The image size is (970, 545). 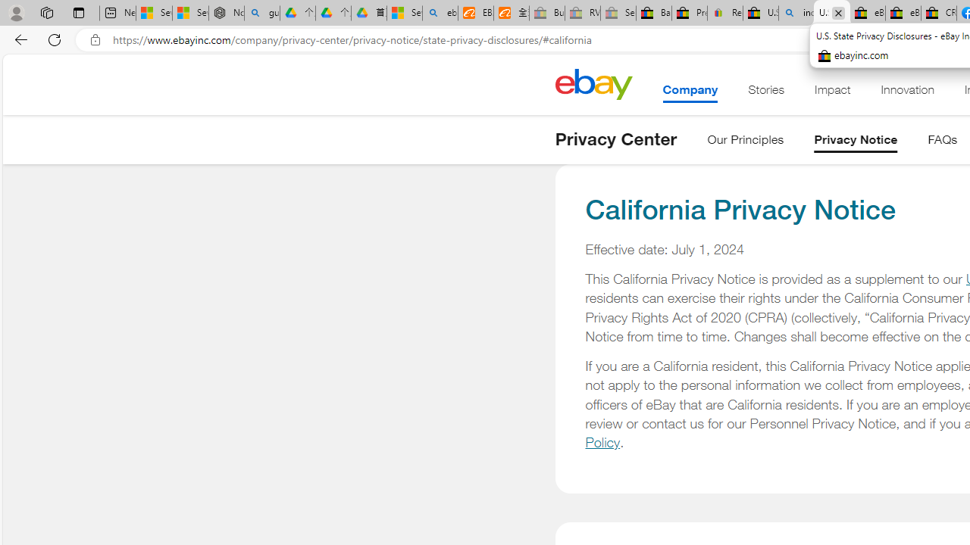 What do you see at coordinates (546, 13) in the screenshot?
I see `'Buy Auto Parts & Accessories | eBay - Sleeping'` at bounding box center [546, 13].